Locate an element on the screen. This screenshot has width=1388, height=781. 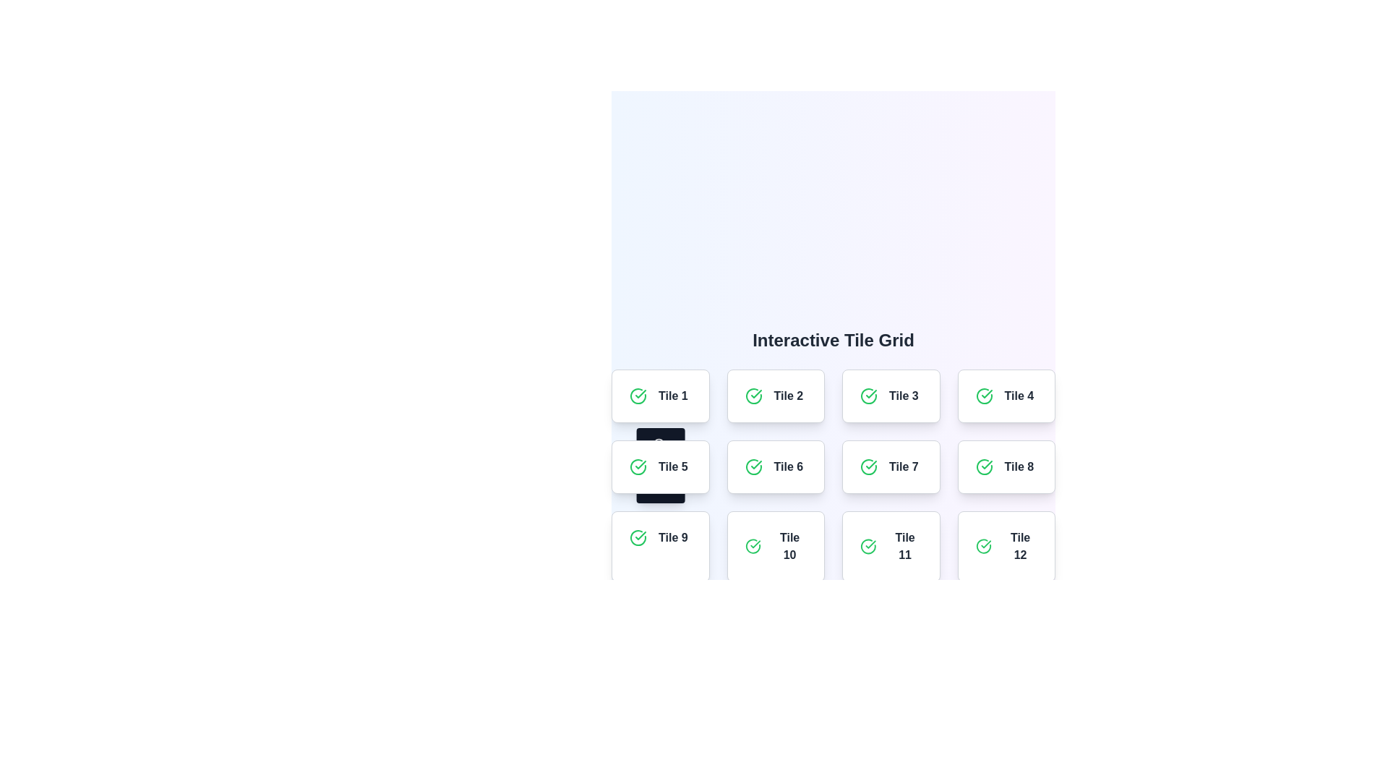
the circular icon with a green checkmark located in 'Tile 12', positioned to the left of the tile label is located at coordinates (983, 547).